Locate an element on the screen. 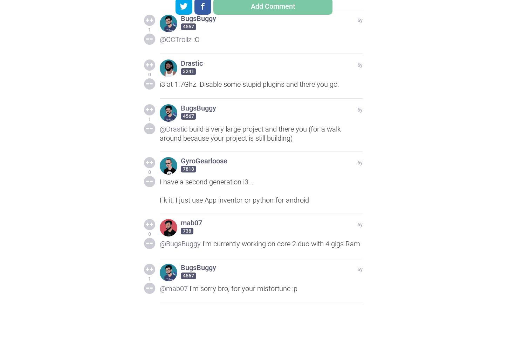 This screenshot has width=508, height=339. 'GyroGearloose' is located at coordinates (204, 161).